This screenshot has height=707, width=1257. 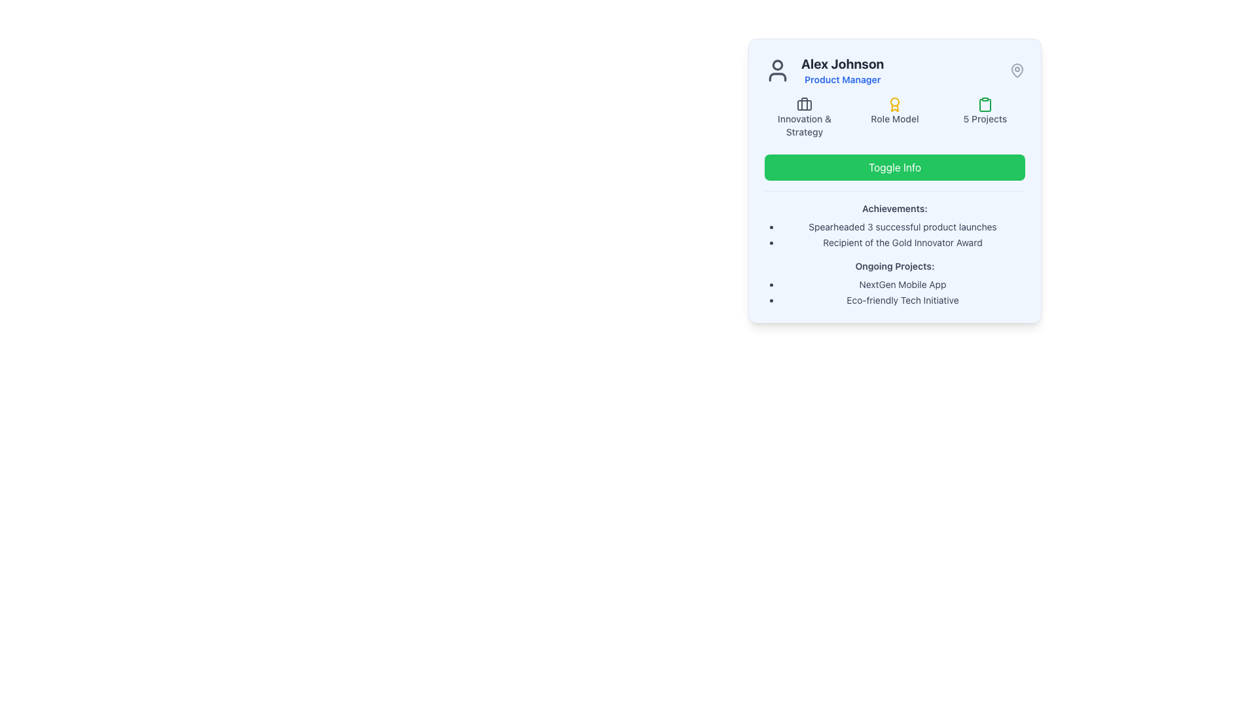 I want to click on text content of the title label indicating the name of the individual associated with the card, positioned at the top of a light-blue card interface above the text 'Product Manager', so click(x=843, y=63).